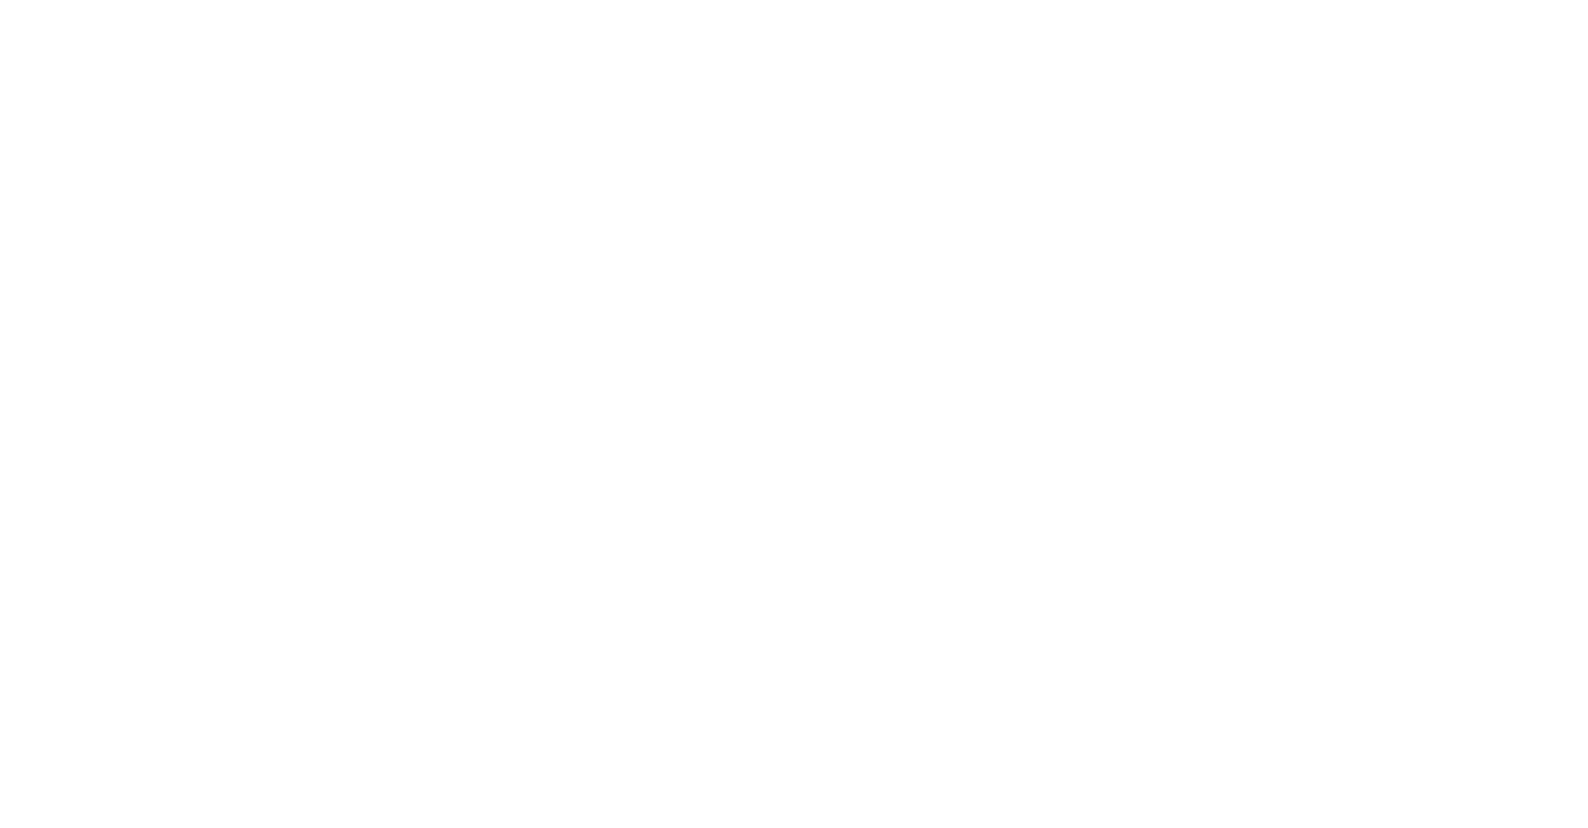 Image resolution: width=1588 pixels, height=828 pixels. What do you see at coordinates (1476, 307) in the screenshot?
I see `'Justiz, Sicherheit, Steuern, Finanzen'` at bounding box center [1476, 307].